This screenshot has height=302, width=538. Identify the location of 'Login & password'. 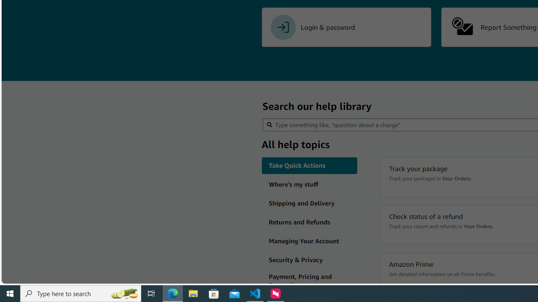
(346, 27).